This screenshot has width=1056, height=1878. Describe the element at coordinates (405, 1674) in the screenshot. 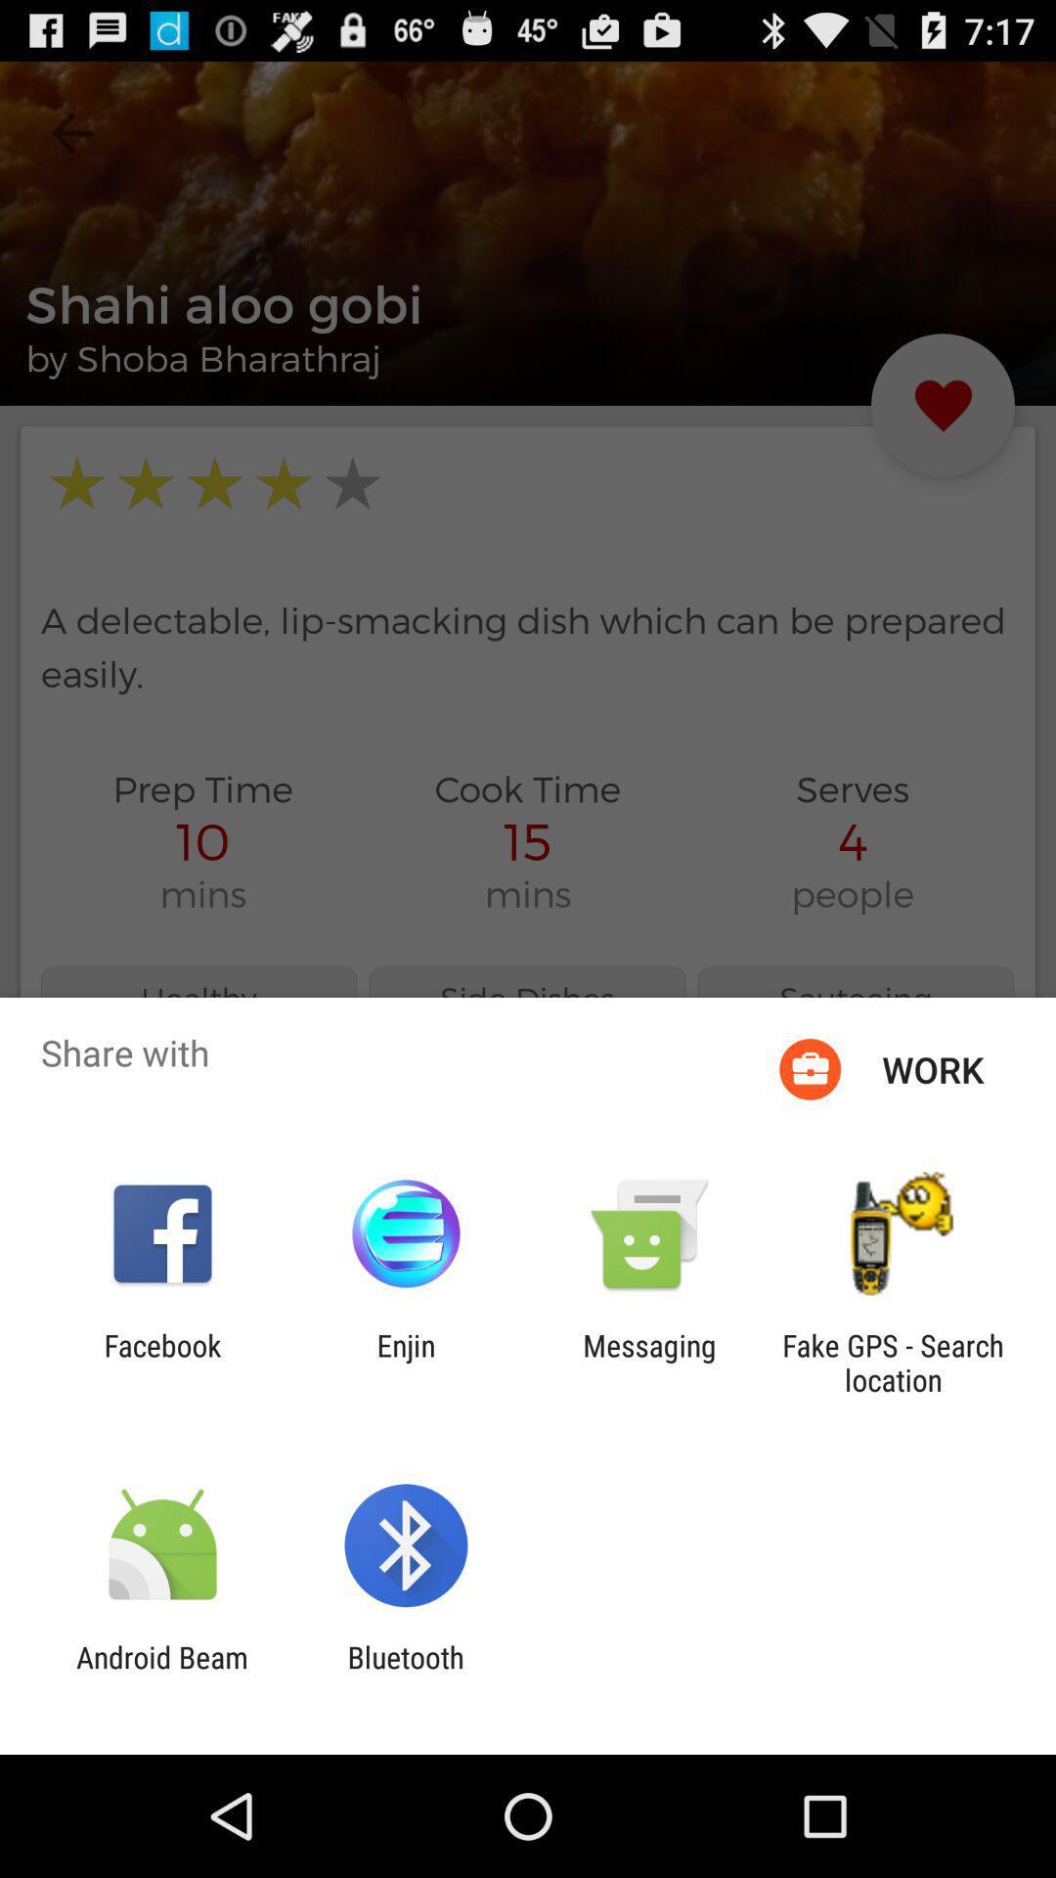

I see `icon to the right of android beam icon` at that location.